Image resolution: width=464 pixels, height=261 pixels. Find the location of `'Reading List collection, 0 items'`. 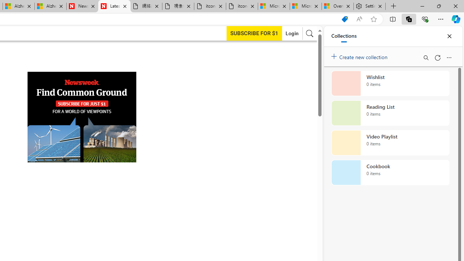

'Reading List collection, 0 items' is located at coordinates (390, 113).